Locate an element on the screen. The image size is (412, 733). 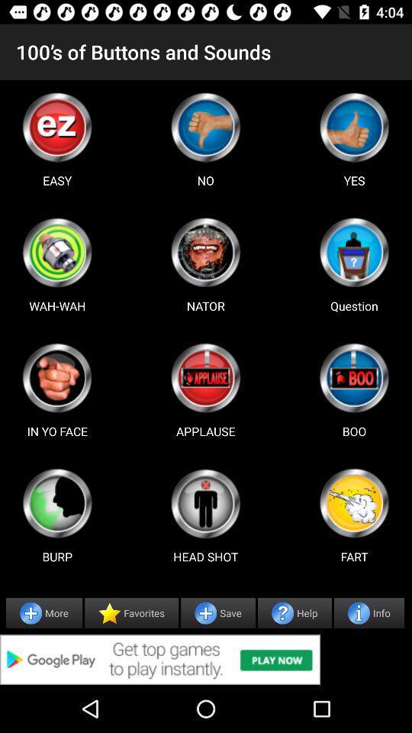
down page is located at coordinates (205, 126).